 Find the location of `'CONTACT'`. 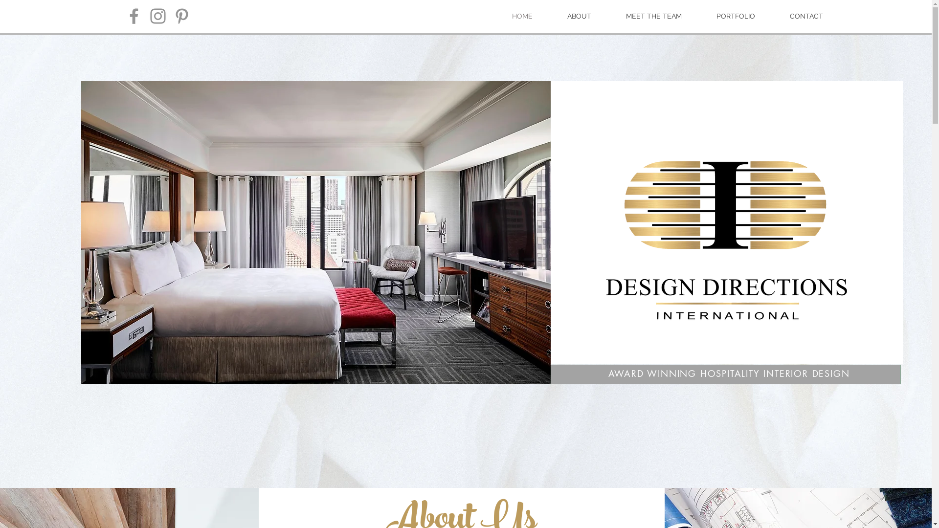

'CONTACT' is located at coordinates (806, 16).